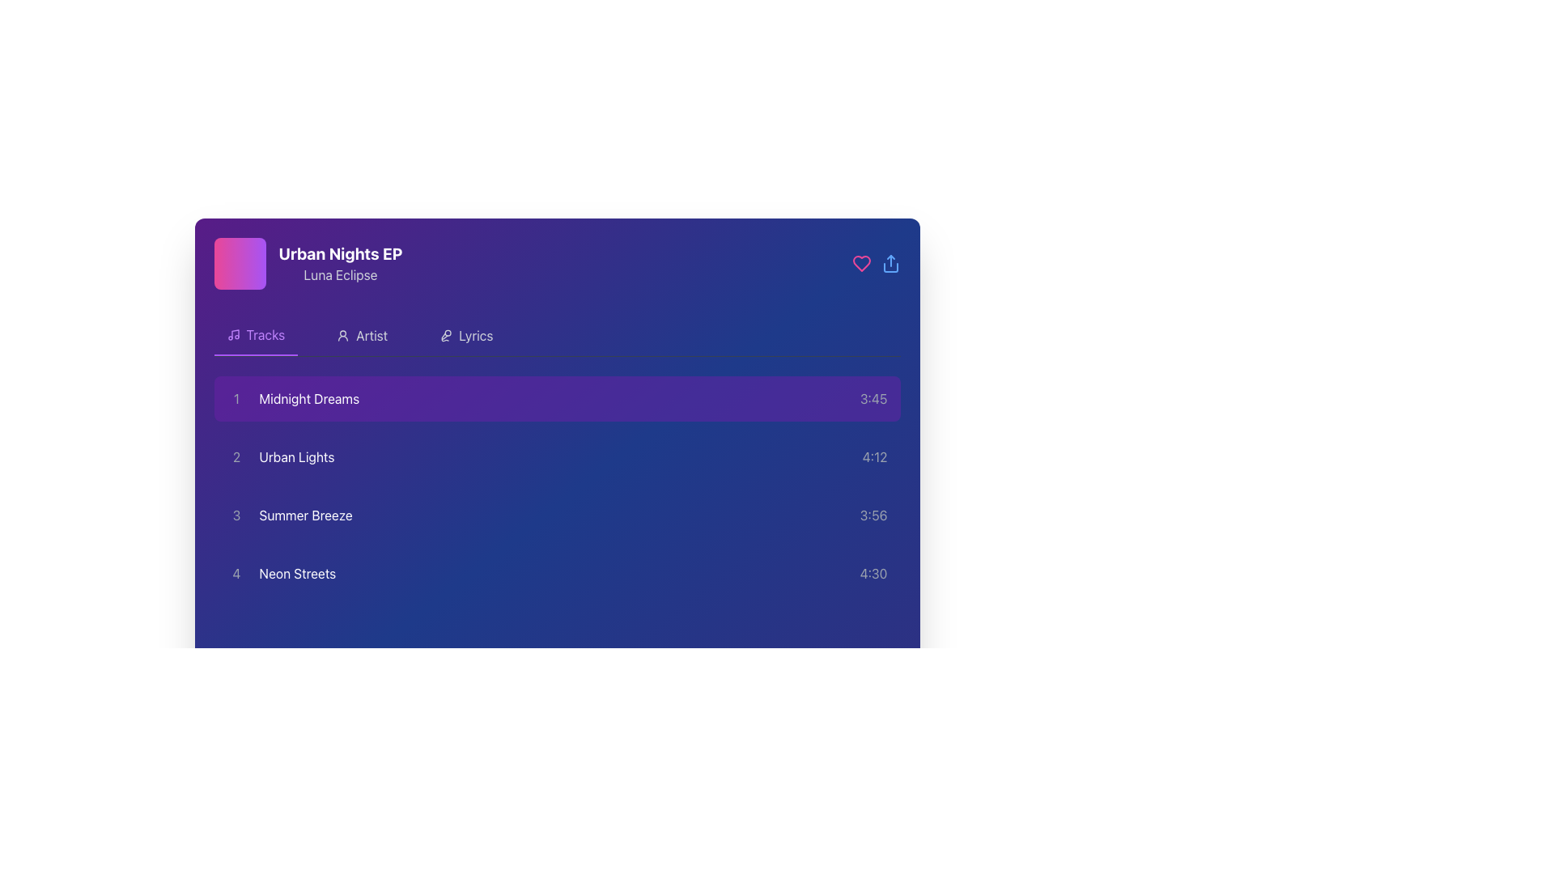 The height and width of the screenshot is (874, 1554). I want to click on the numerical indicator for the track, so click(236, 456).